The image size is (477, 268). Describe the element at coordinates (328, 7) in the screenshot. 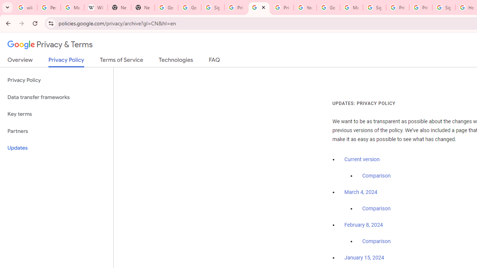

I see `'Google Account Help'` at that location.